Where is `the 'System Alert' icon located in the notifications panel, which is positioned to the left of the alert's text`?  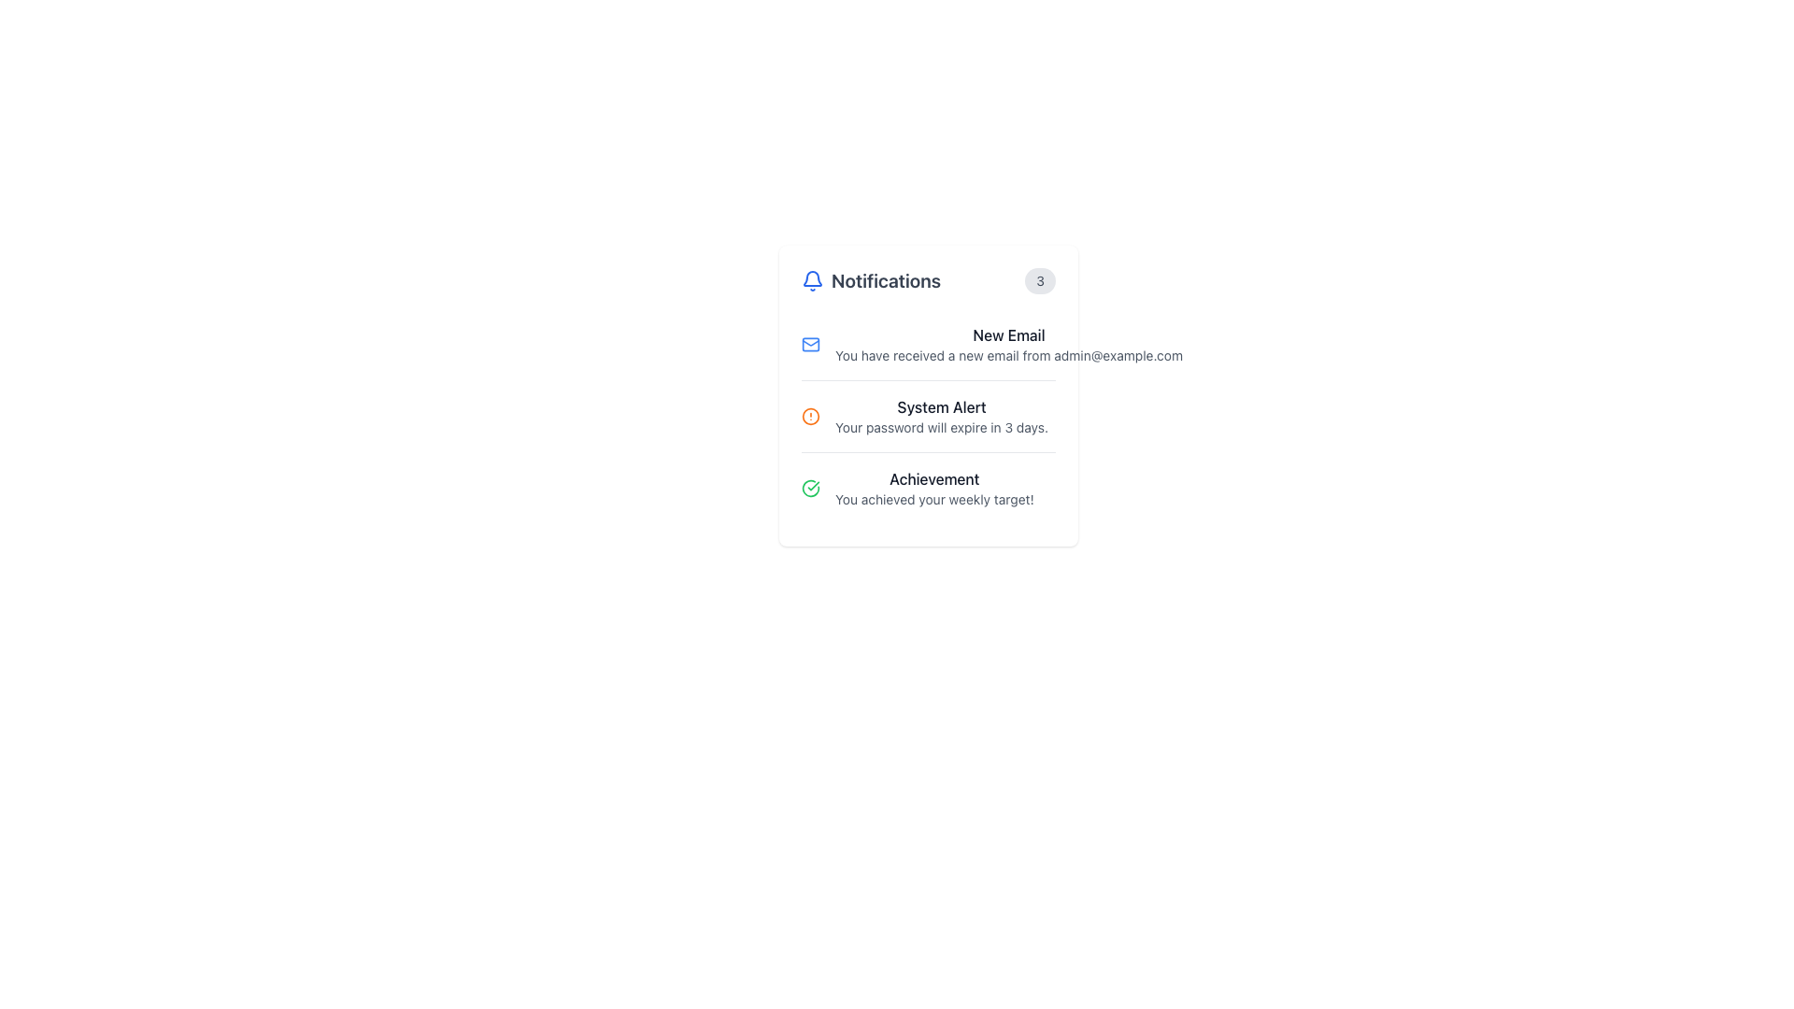
the 'System Alert' icon located in the notifications panel, which is positioned to the left of the alert's text is located at coordinates (811, 416).